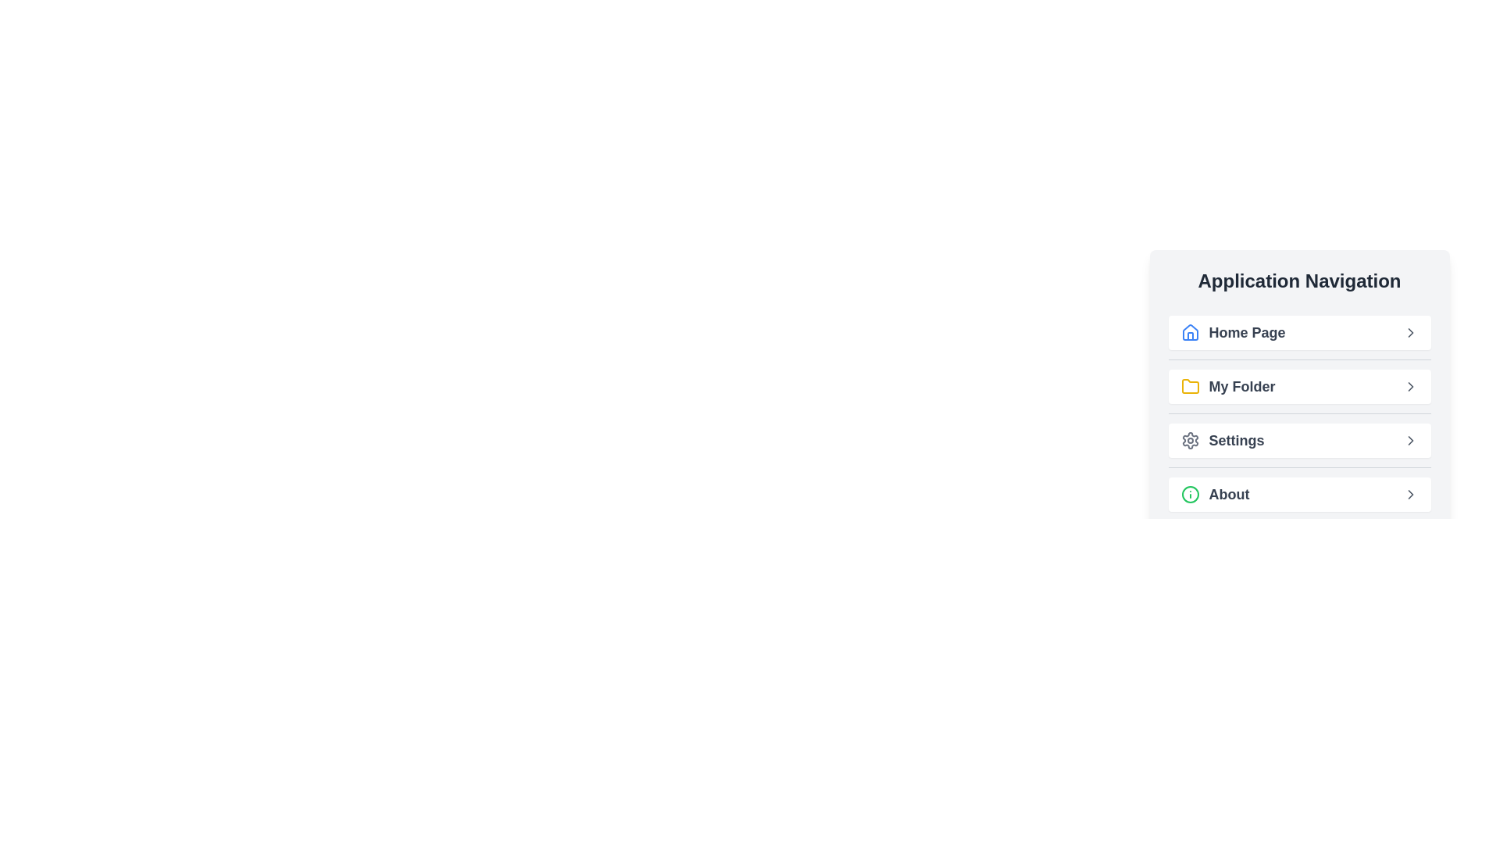 The image size is (1500, 844). Describe the element at coordinates (1189, 331) in the screenshot. I see `the 'Home Page' navigation icon, which is located in the 'Application Navigation' section, to the left of the text 'Home Page'` at that location.